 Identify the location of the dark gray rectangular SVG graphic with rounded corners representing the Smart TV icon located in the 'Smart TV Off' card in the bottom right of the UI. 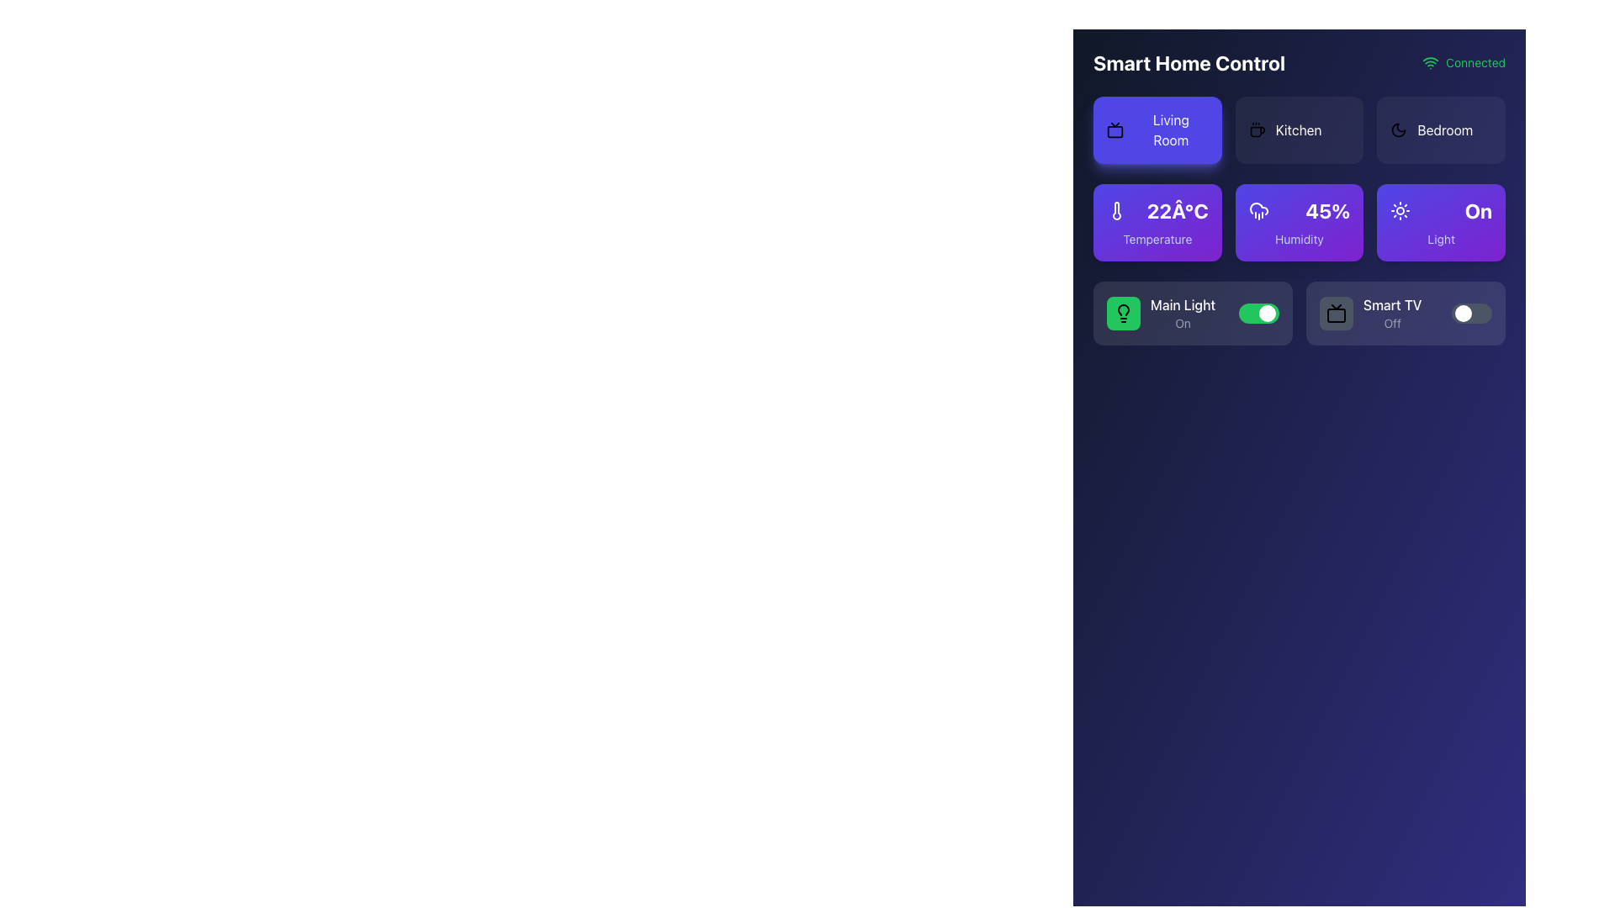
(1335, 315).